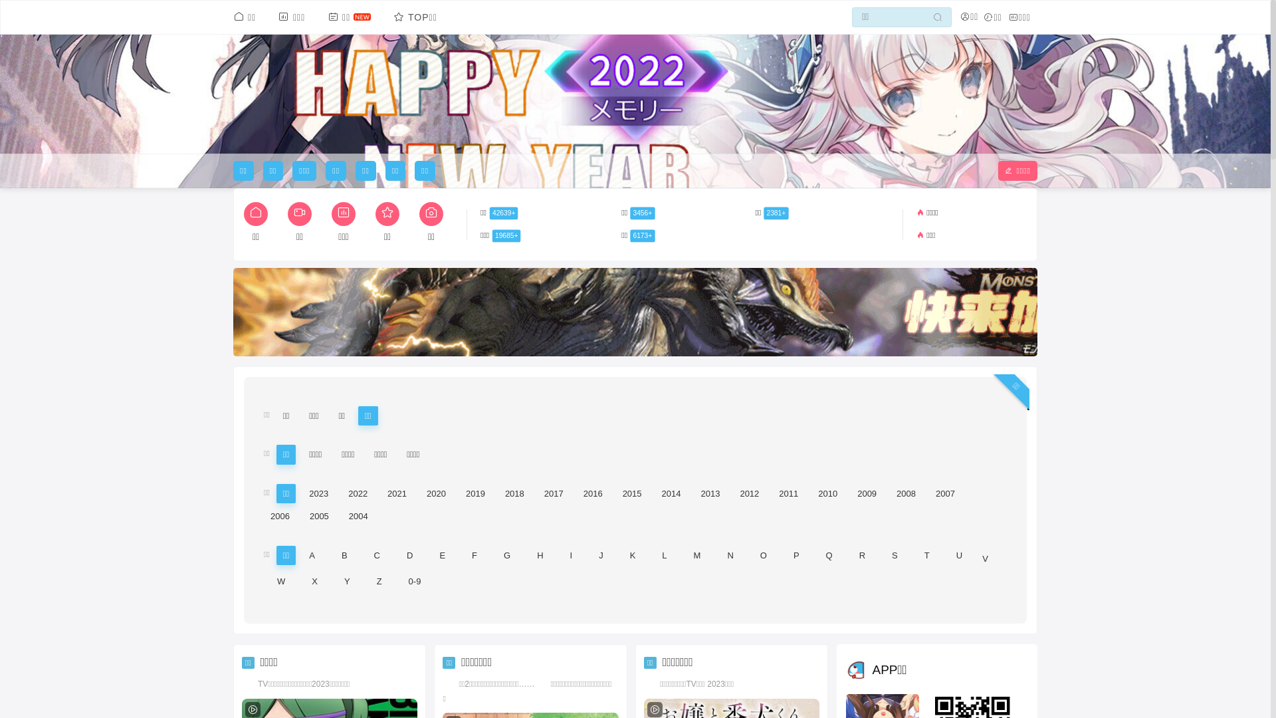 This screenshot has height=718, width=1276. What do you see at coordinates (358, 493) in the screenshot?
I see `'2022'` at bounding box center [358, 493].